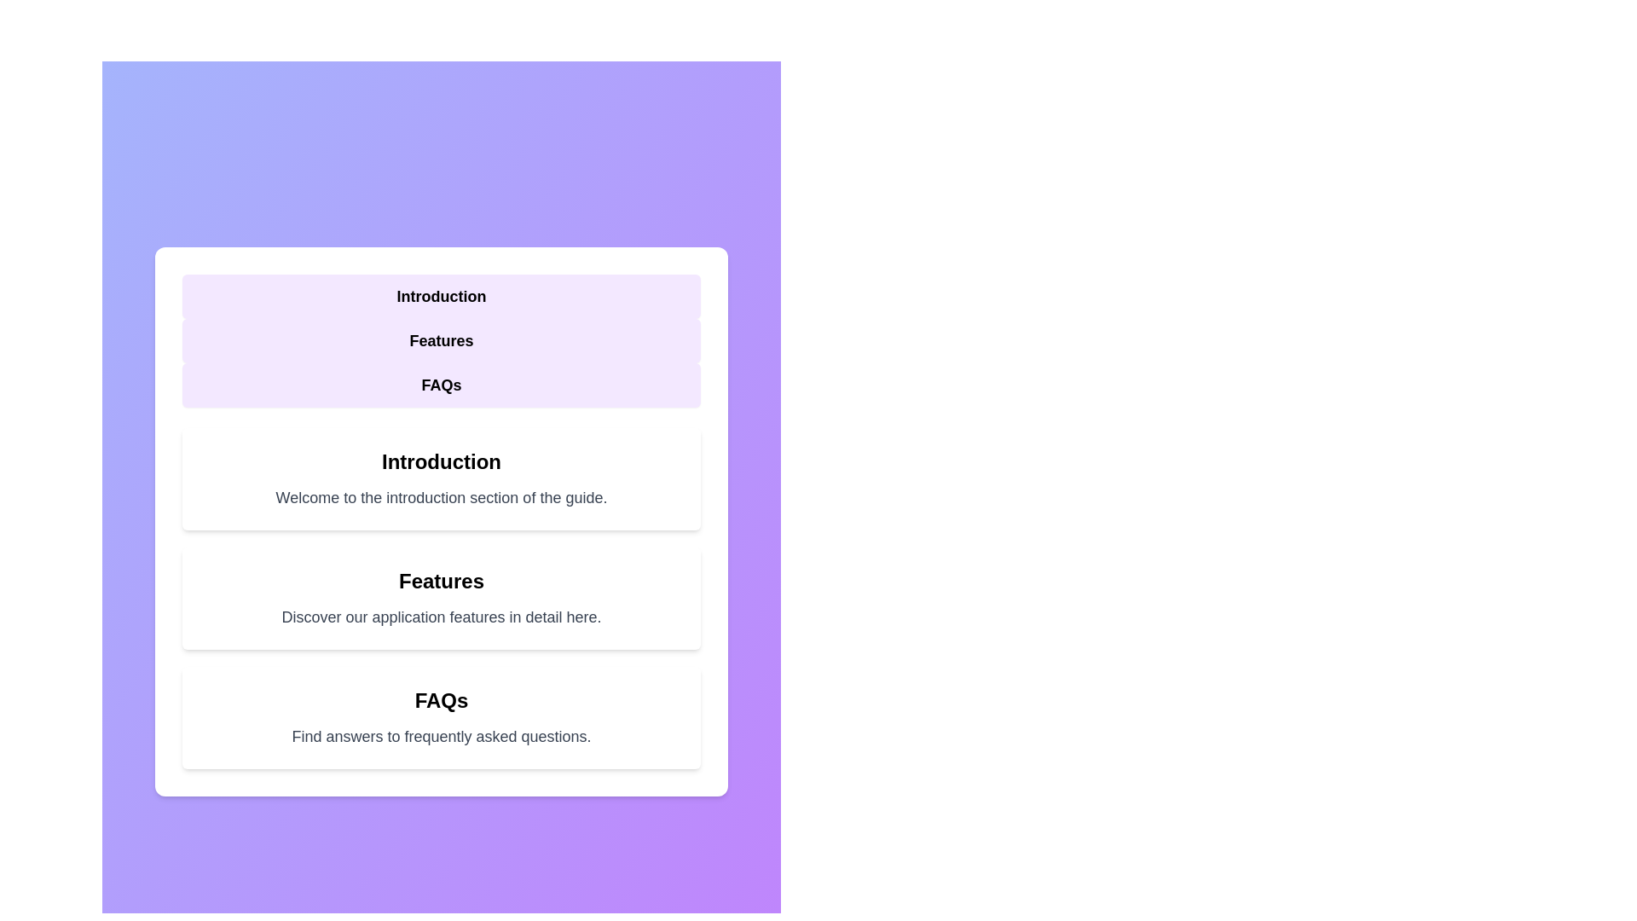 The image size is (1637, 921). Describe the element at coordinates (442, 717) in the screenshot. I see `the informative panel located at the bottom of the series of panels, which likely serves as a link` at that location.